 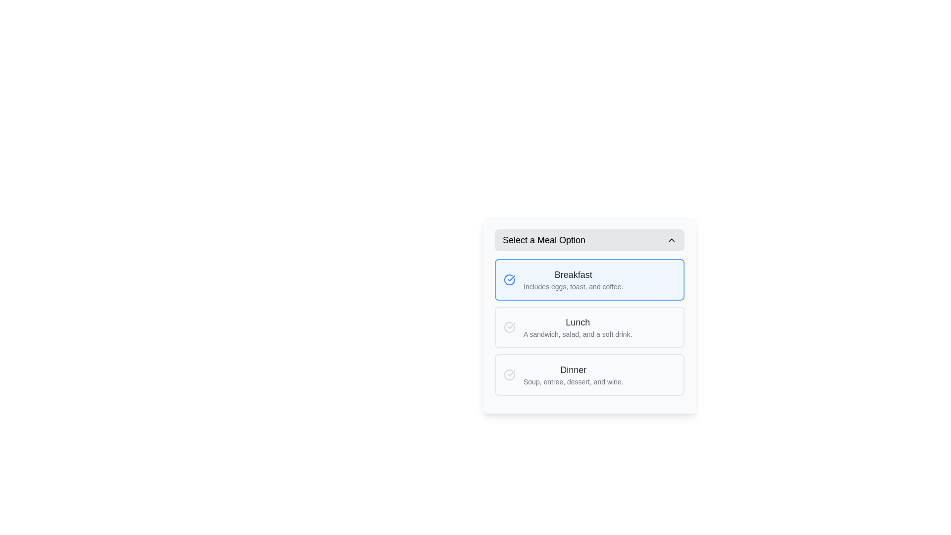 What do you see at coordinates (578, 327) in the screenshot?
I see `information provided in the 'Lunch' meal option text block, which is located below the 'Breakfast' item and above the 'Dinner' item in the meal options list` at bounding box center [578, 327].